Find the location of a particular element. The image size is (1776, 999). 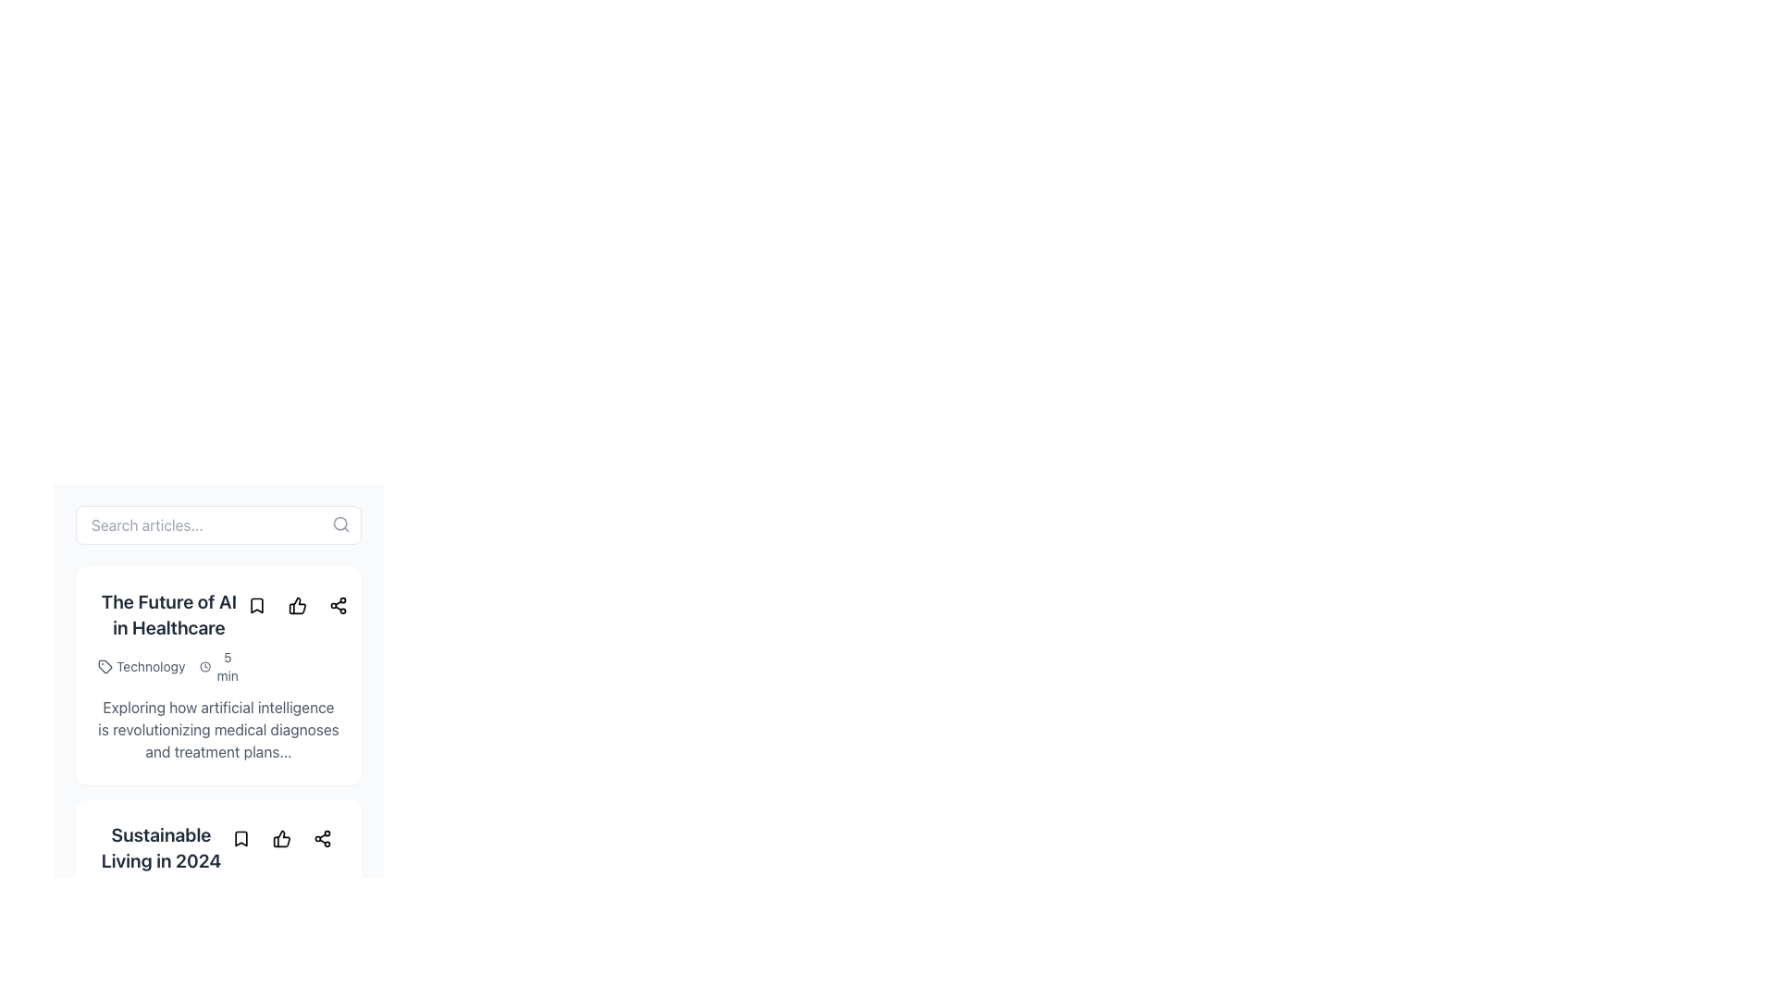

the approval icon located beneath the article titled 'Sustainable Living in 2024' to express approval for the content is located at coordinates (280, 838).